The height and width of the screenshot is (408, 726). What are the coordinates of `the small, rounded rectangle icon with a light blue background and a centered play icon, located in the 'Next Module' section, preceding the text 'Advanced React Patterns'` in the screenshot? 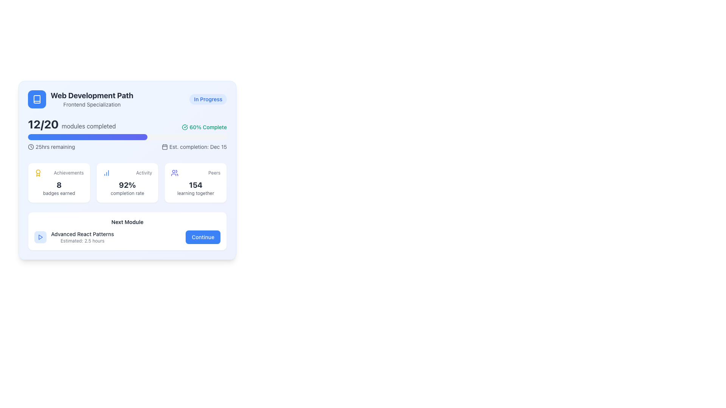 It's located at (40, 237).